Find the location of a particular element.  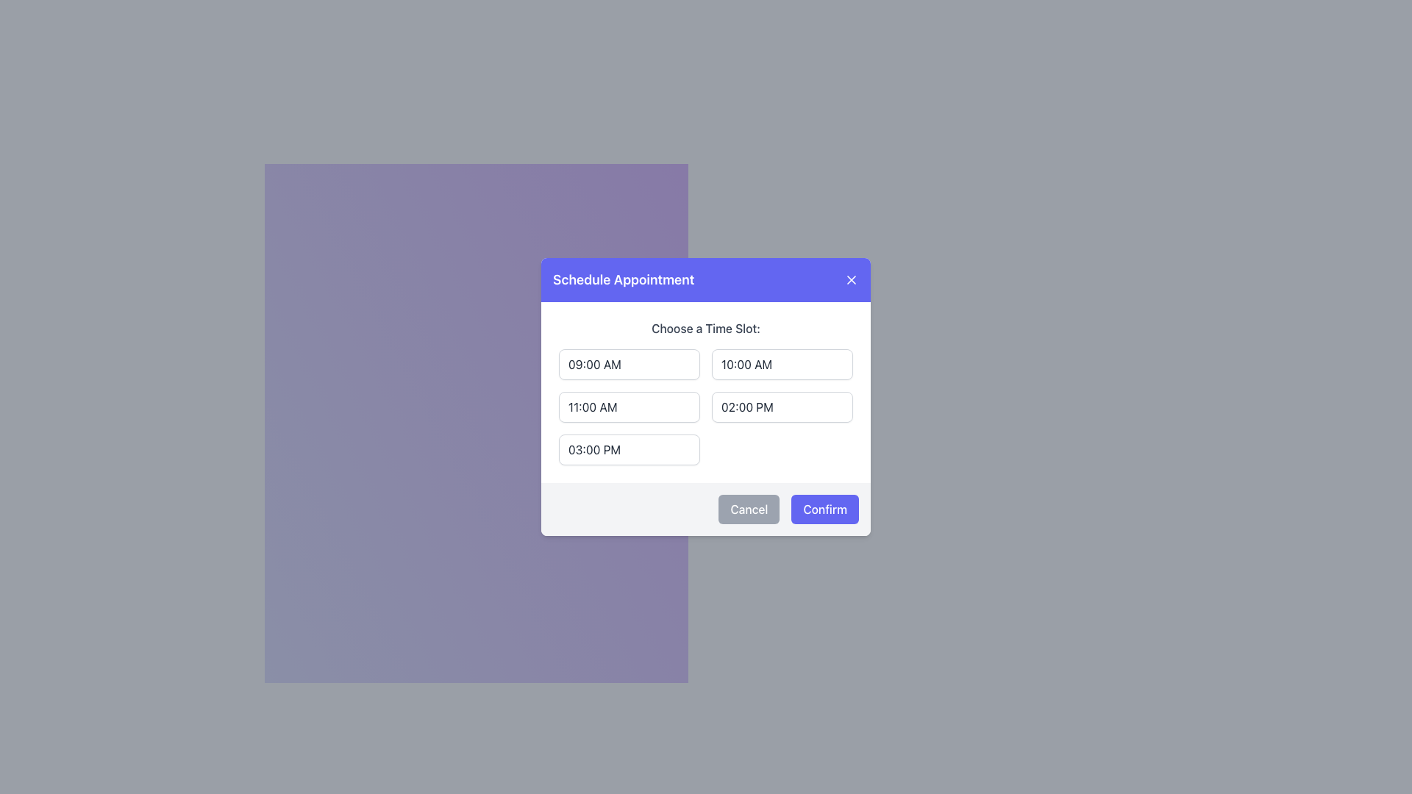

the confirm button located to the right of the cancel button in the modal dialog, which triggers the confirmation process for scheduling an appointment is located at coordinates (825, 509).